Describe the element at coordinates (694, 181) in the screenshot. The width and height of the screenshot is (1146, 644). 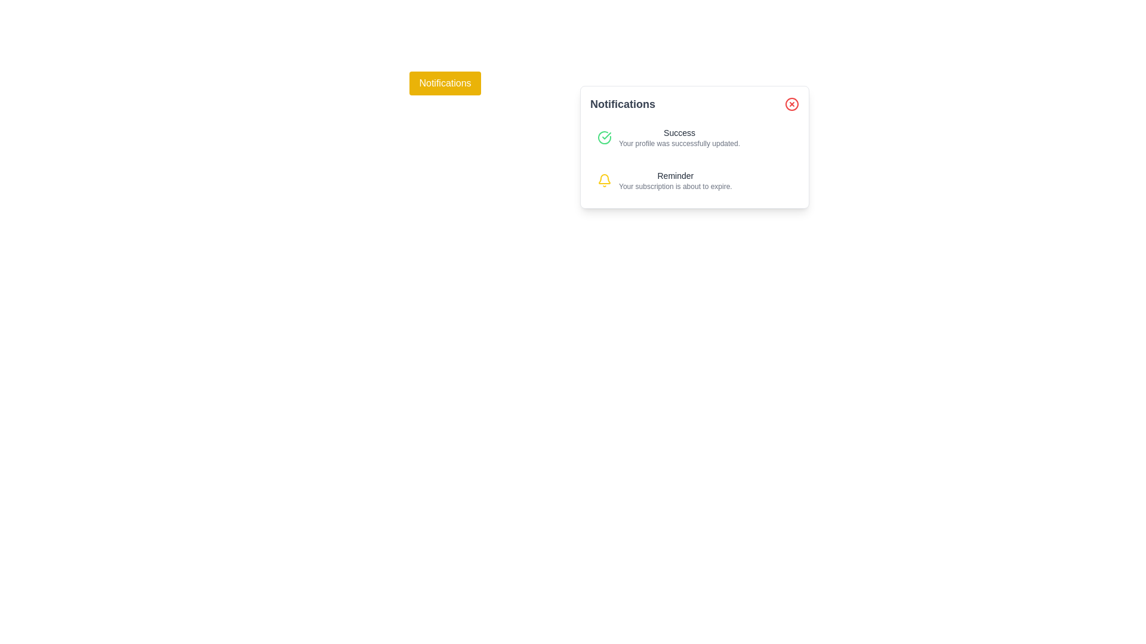
I see `the second notification item in the notification list, which notifies the user about an upcoming subscription expiration` at that location.